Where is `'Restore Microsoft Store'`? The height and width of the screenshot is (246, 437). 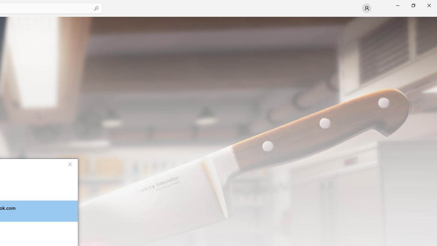 'Restore Microsoft Store' is located at coordinates (413, 5).